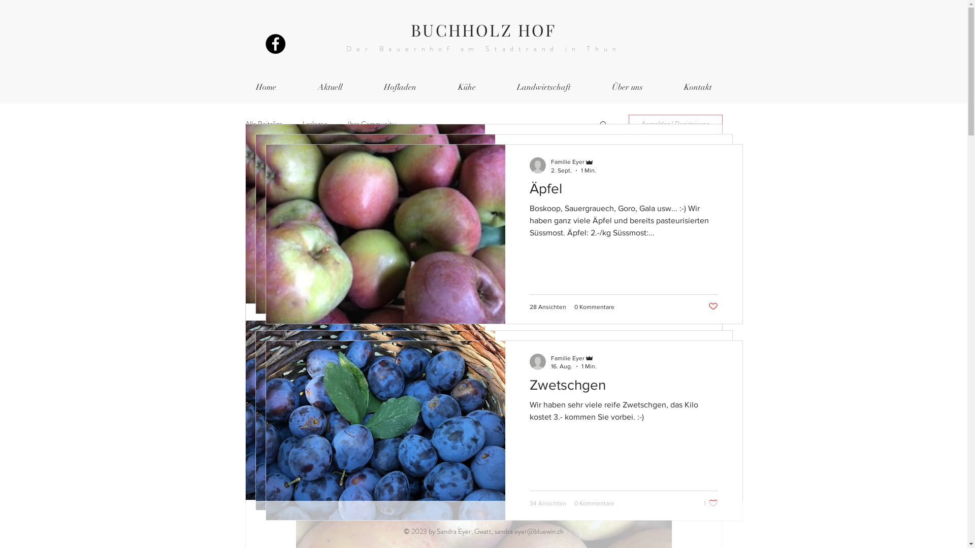  Describe the element at coordinates (697, 87) in the screenshot. I see `'Kontakt'` at that location.